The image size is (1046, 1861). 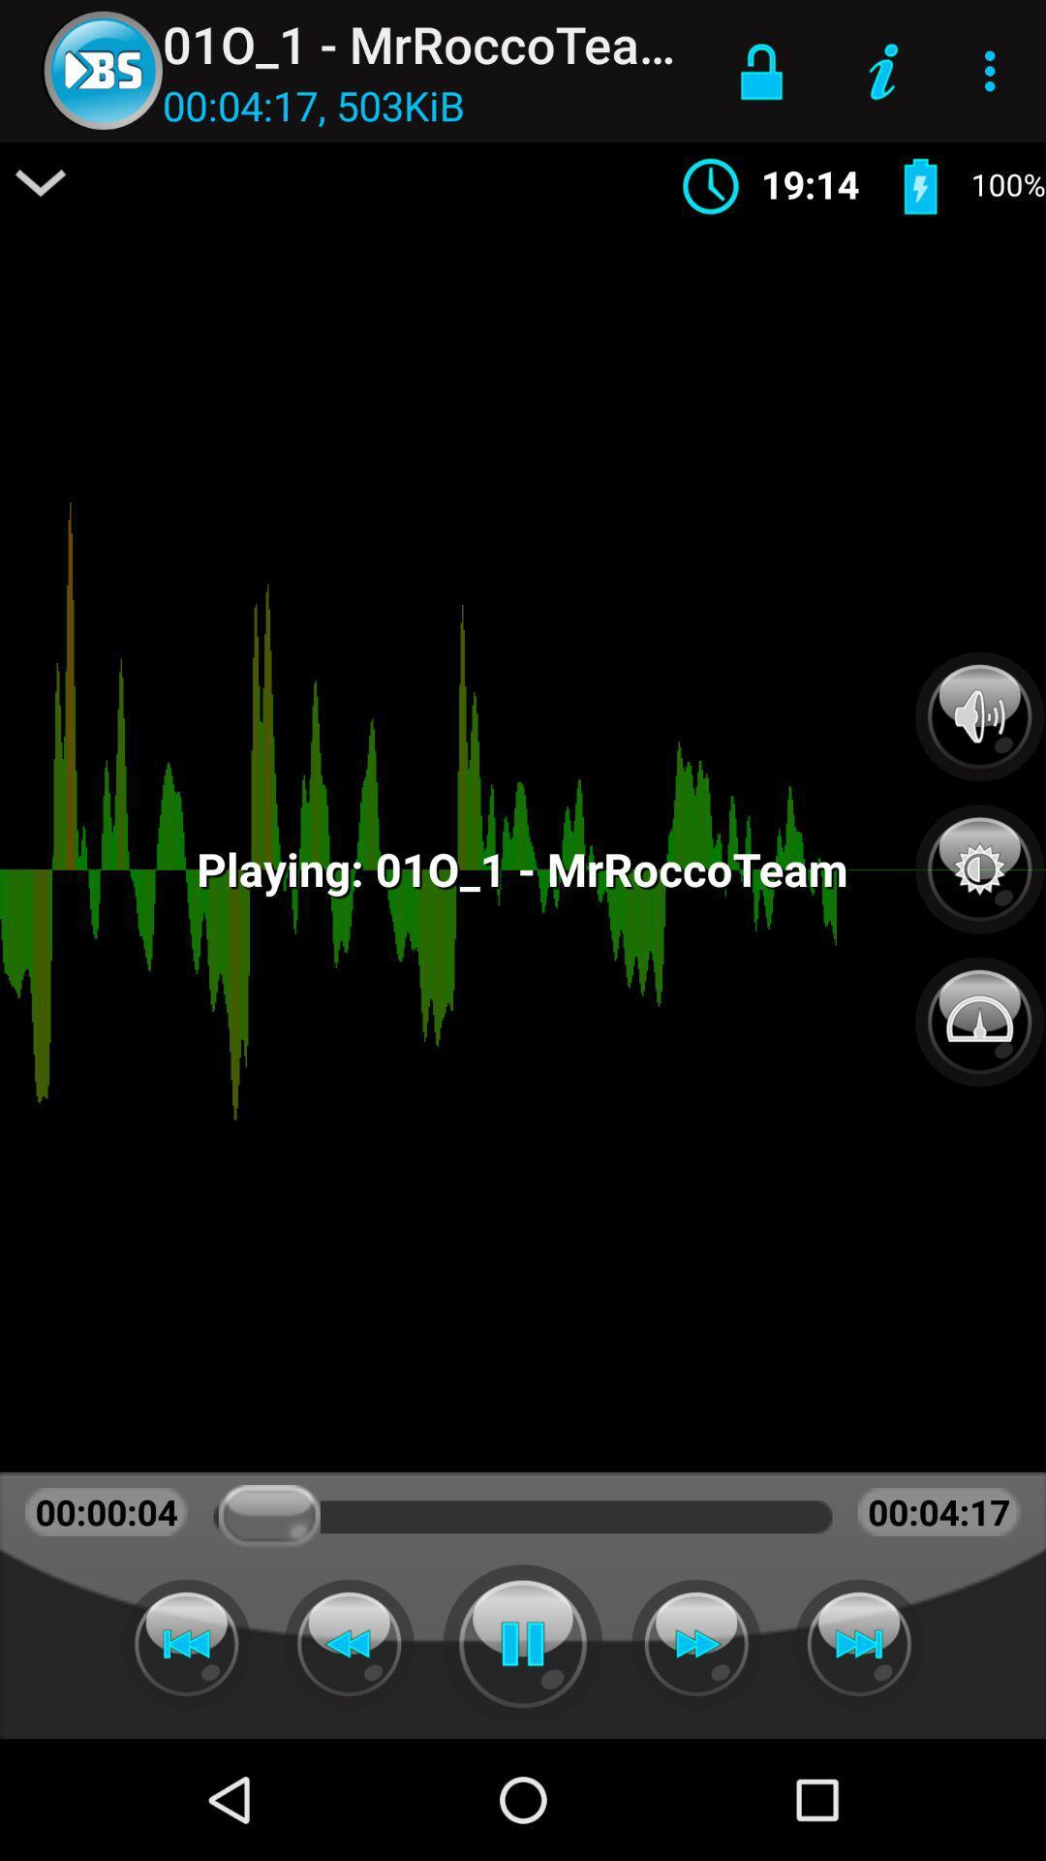 What do you see at coordinates (186, 1643) in the screenshot?
I see `the av_rewind icon` at bounding box center [186, 1643].